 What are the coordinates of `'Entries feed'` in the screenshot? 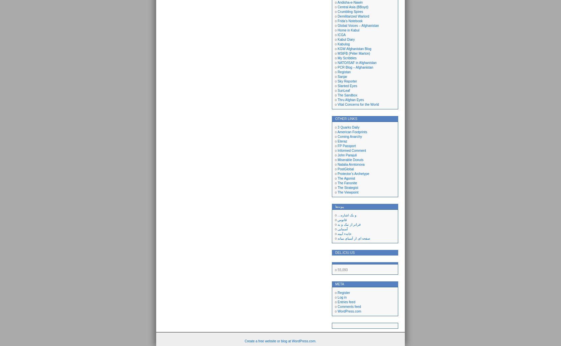 It's located at (346, 302).